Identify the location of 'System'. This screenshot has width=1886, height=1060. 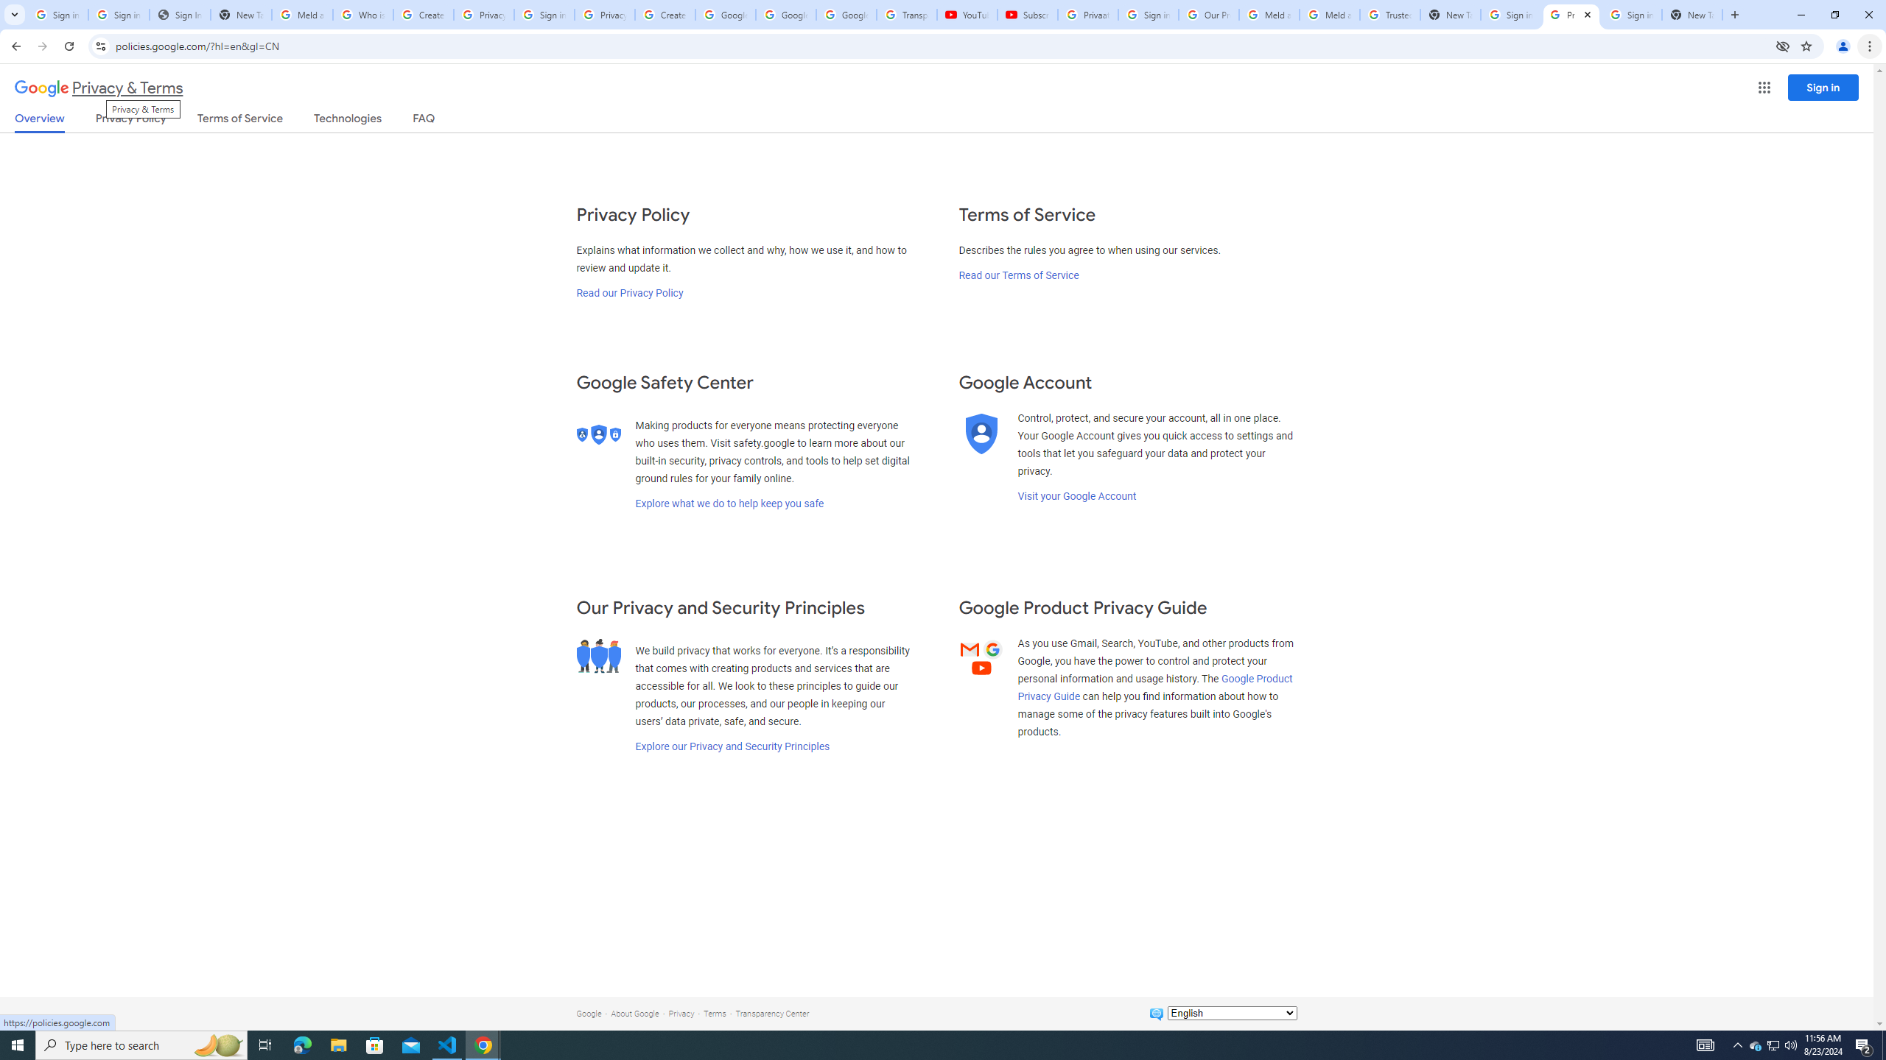
(8, 7).